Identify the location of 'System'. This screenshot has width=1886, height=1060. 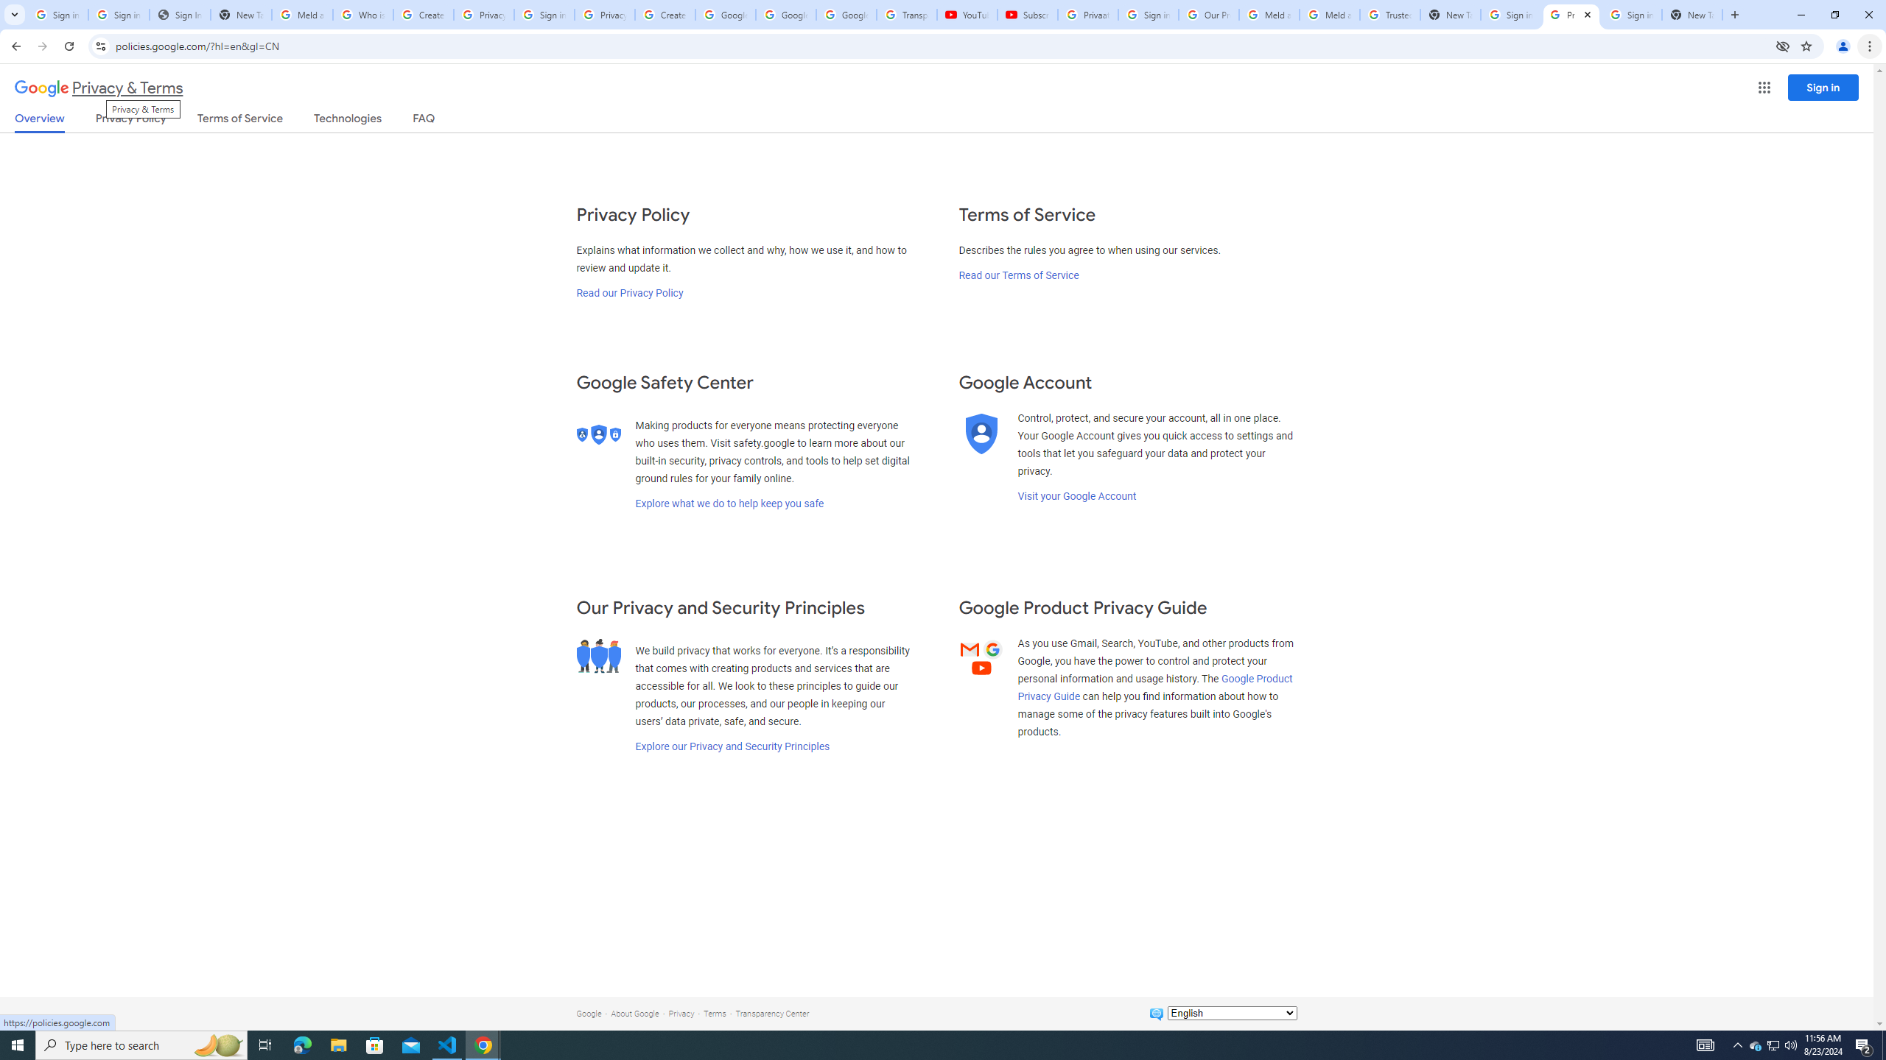
(8, 7).